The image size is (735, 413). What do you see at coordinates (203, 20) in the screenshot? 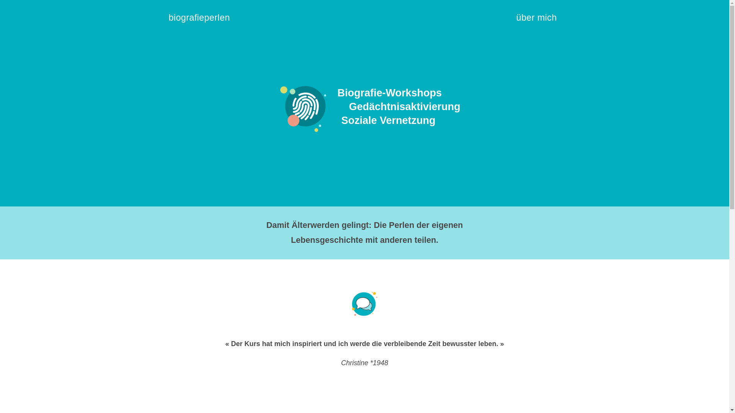
I see `'biografieperlen'` at bounding box center [203, 20].